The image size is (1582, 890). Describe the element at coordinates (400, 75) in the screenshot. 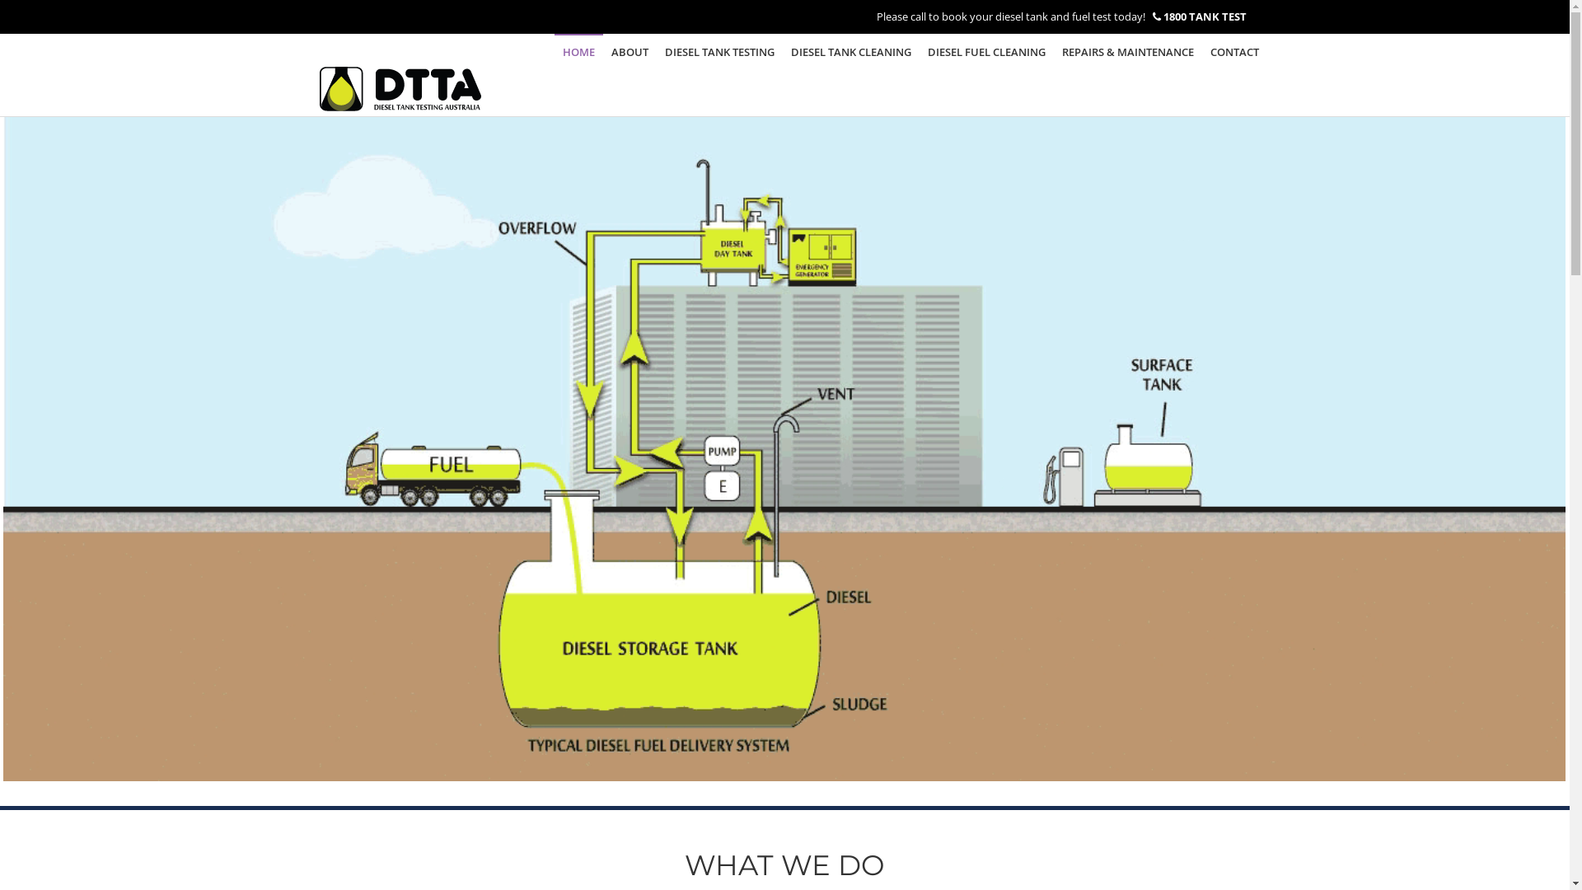

I see `'Diesel Tank Testing Australia'` at that location.